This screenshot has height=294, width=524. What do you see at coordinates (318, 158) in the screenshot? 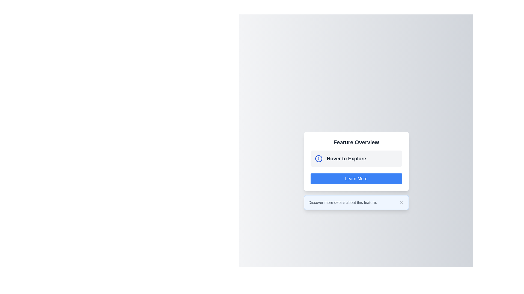
I see `the circular vector graphic element that is part of the information icon, which is visually styled with a blue stroke and has a central dot` at bounding box center [318, 158].